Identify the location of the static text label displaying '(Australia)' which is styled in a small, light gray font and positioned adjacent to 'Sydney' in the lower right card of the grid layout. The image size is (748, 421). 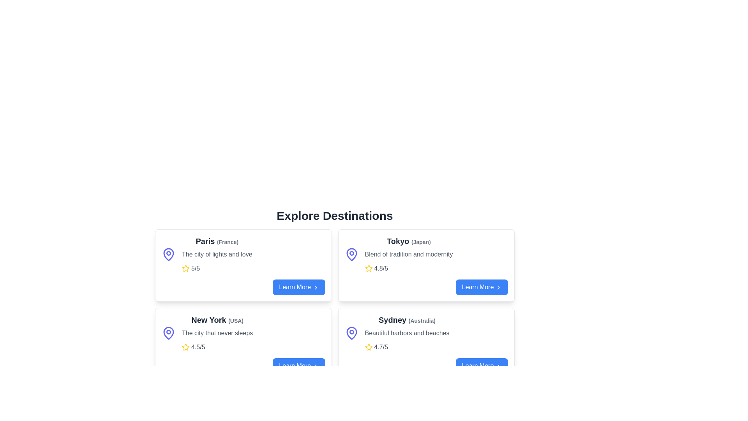
(422, 320).